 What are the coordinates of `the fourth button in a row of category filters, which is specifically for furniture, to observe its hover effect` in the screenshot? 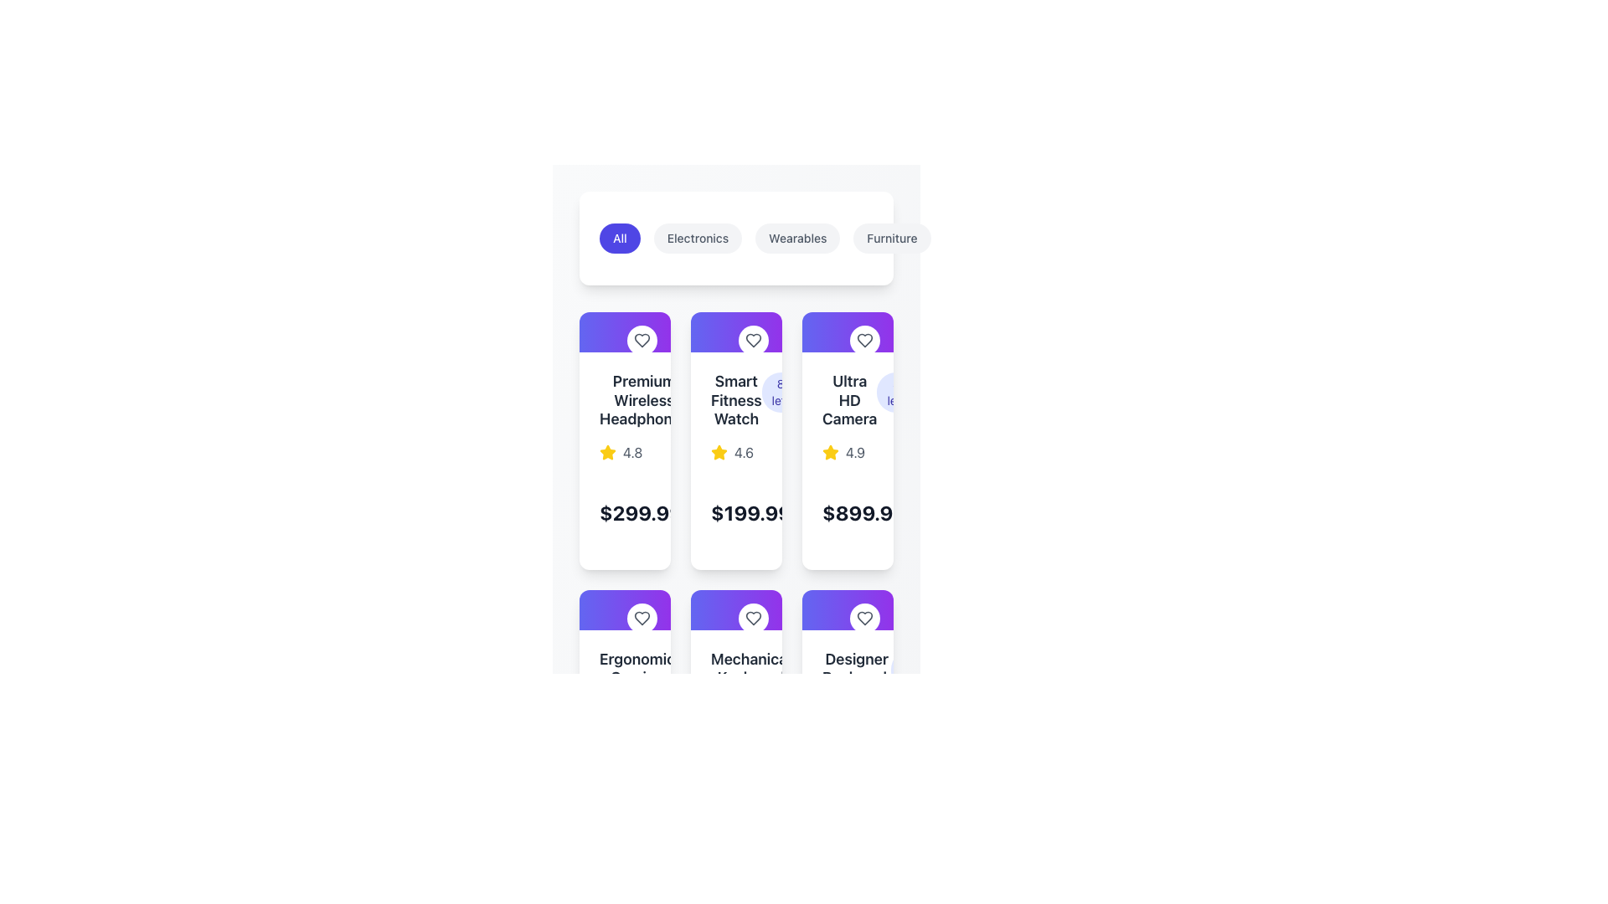 It's located at (891, 239).